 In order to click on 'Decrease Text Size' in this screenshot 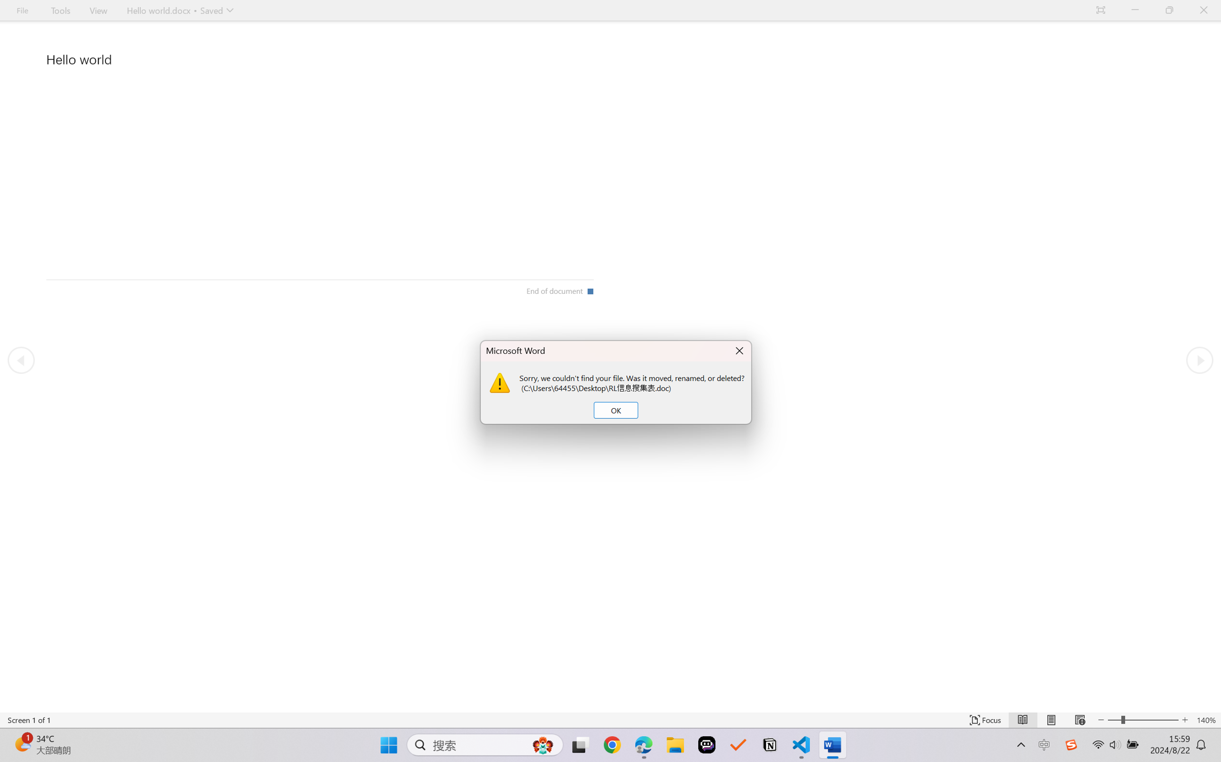, I will do `click(1101, 720)`.